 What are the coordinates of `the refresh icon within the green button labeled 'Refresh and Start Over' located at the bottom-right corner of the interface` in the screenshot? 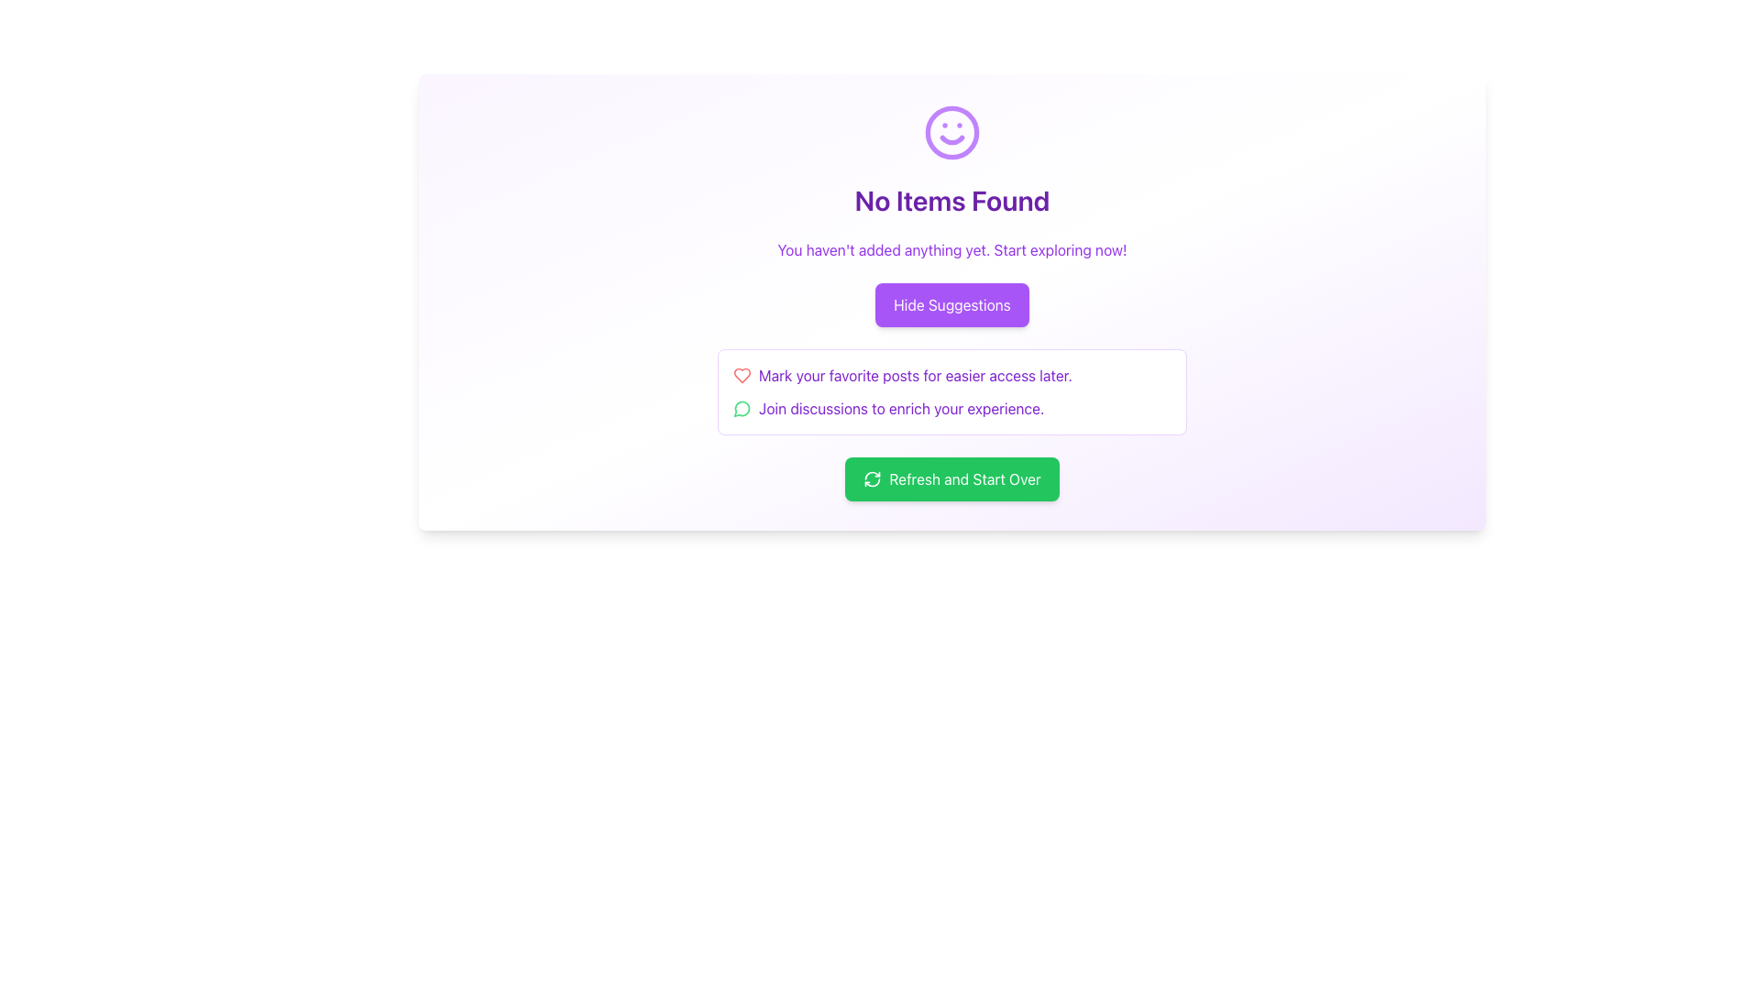 It's located at (872, 478).